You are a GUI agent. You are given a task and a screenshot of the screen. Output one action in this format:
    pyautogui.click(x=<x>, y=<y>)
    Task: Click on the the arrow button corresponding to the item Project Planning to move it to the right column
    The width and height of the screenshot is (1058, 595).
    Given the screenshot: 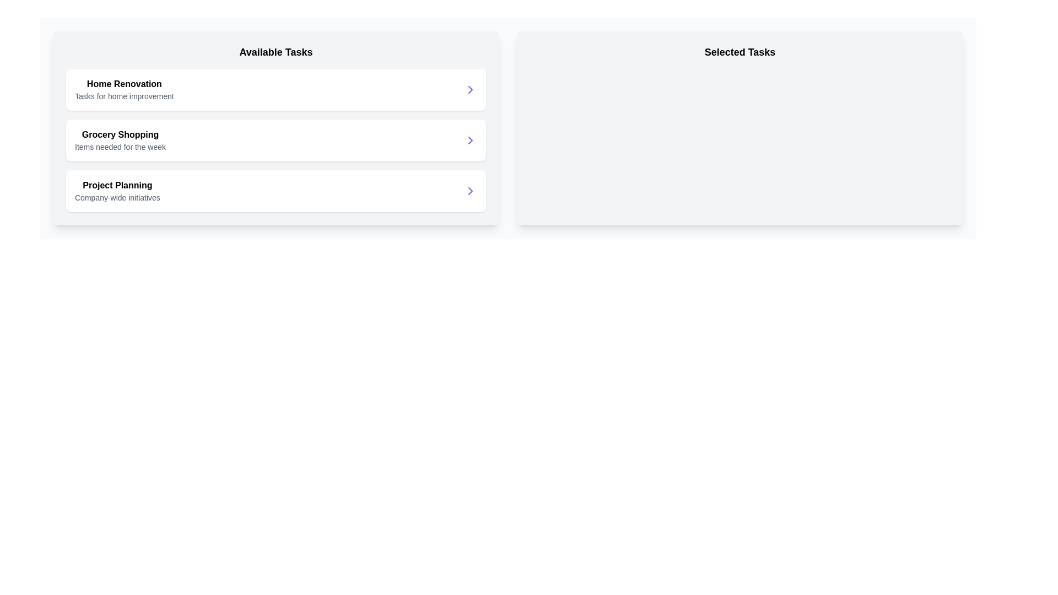 What is the action you would take?
    pyautogui.click(x=471, y=191)
    